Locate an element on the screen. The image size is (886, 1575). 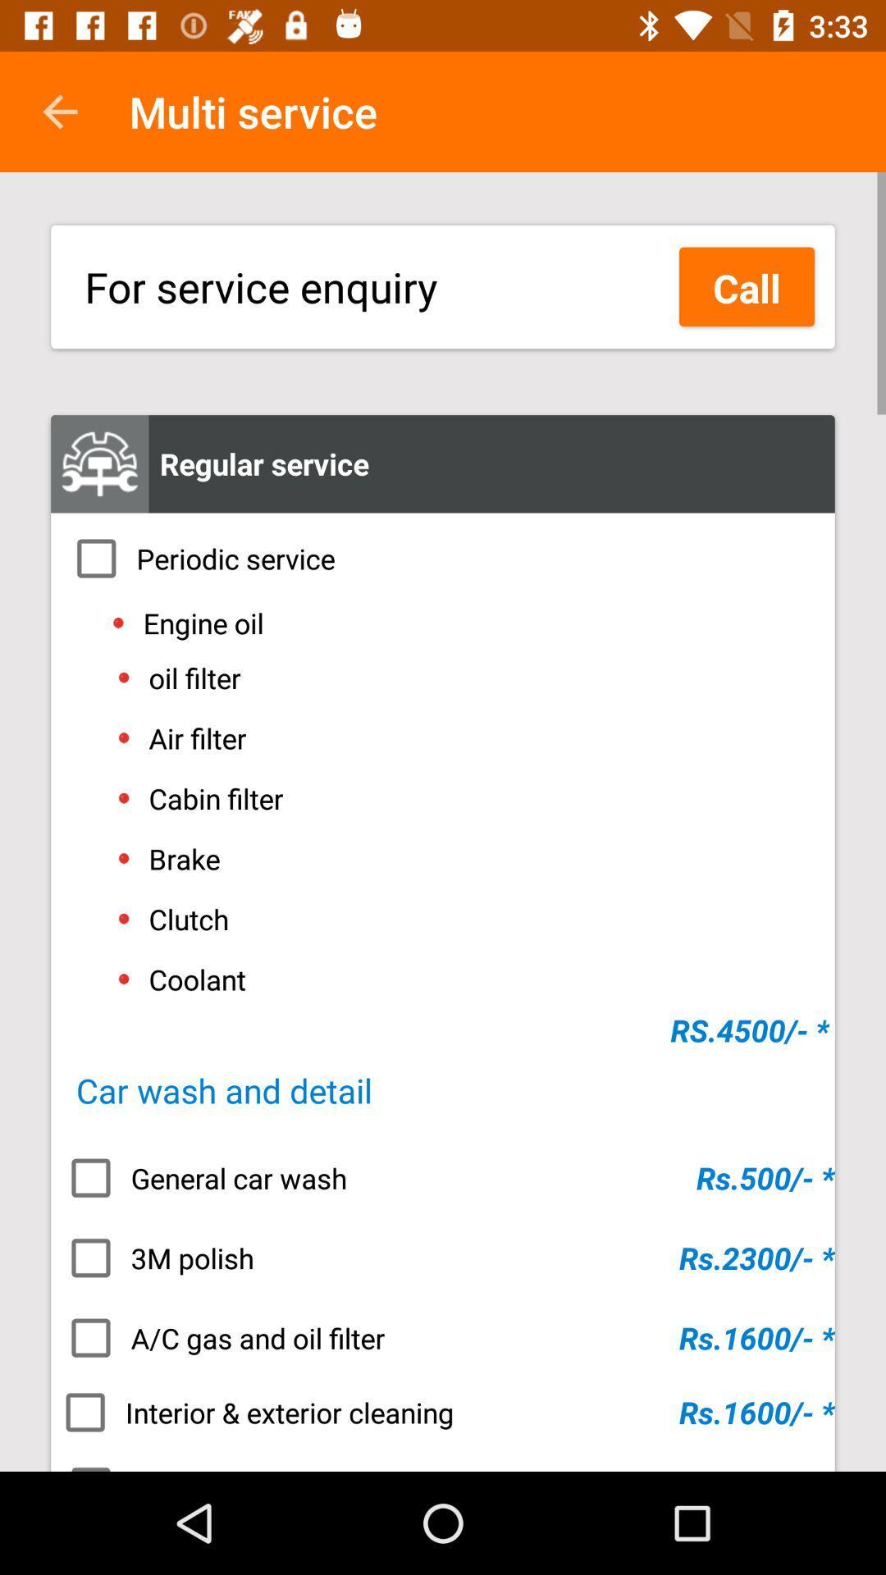
the item below the a c gas is located at coordinates (443, 1412).